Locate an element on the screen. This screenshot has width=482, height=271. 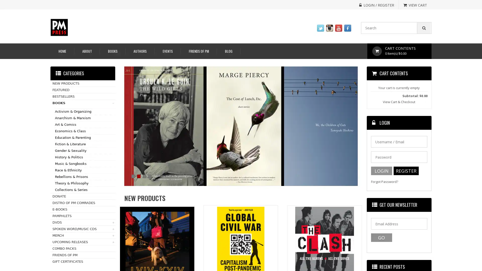
Go is located at coordinates (381, 237).